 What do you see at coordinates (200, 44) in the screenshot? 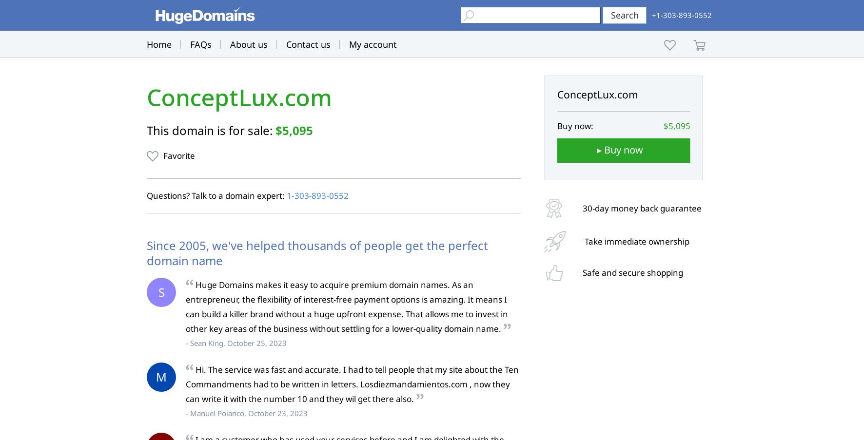
I see `'FAQs'` at bounding box center [200, 44].